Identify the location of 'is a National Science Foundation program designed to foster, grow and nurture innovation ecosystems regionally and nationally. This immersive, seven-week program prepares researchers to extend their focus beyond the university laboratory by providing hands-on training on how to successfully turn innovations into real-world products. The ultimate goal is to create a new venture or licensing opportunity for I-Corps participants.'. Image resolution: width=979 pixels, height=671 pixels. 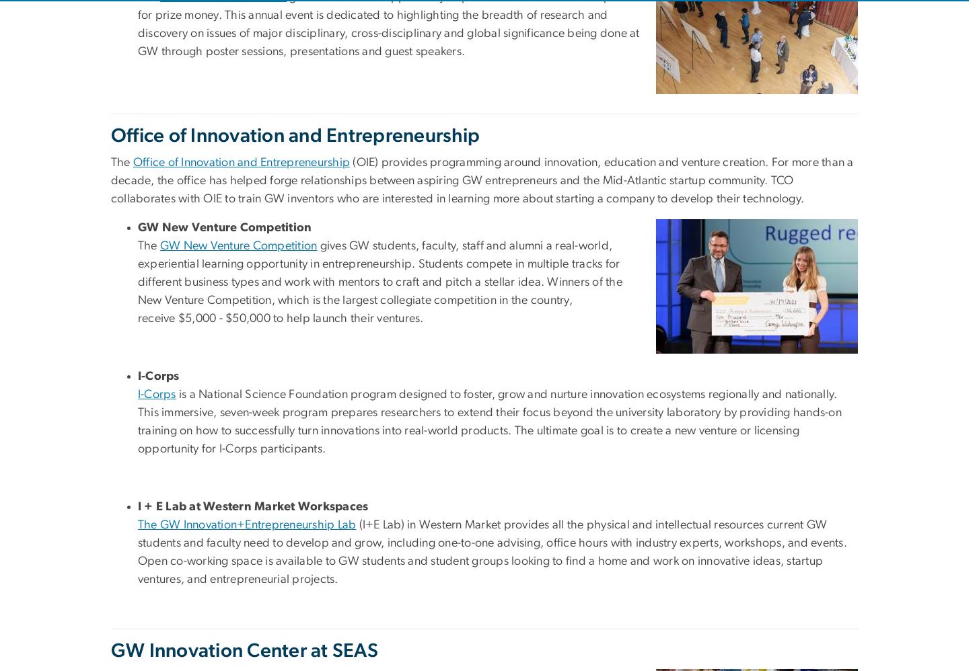
(489, 422).